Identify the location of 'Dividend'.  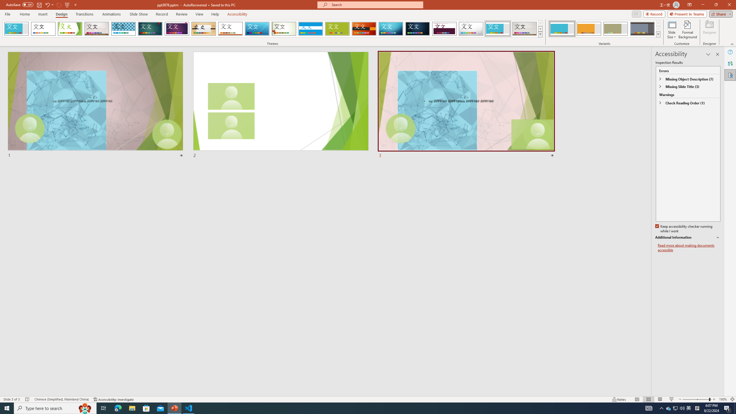
(444, 28).